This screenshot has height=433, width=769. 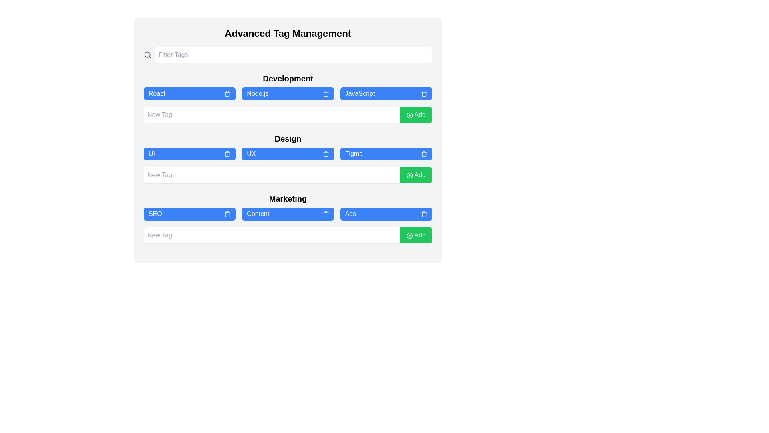 What do you see at coordinates (326, 213) in the screenshot?
I see `the delete Icon button located in the 'Marketing' section, which is positioned to the right of the 'Content' tag and left of the 'Ads' tag, to change its style` at bounding box center [326, 213].